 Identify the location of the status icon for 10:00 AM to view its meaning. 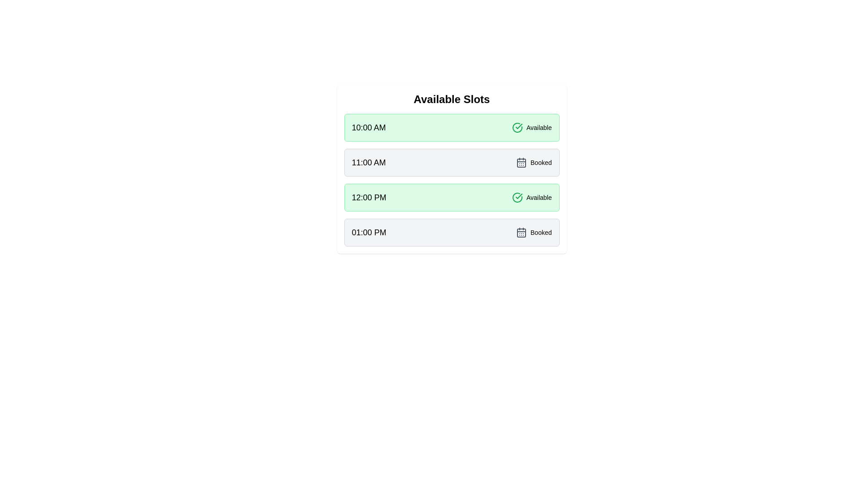
(517, 128).